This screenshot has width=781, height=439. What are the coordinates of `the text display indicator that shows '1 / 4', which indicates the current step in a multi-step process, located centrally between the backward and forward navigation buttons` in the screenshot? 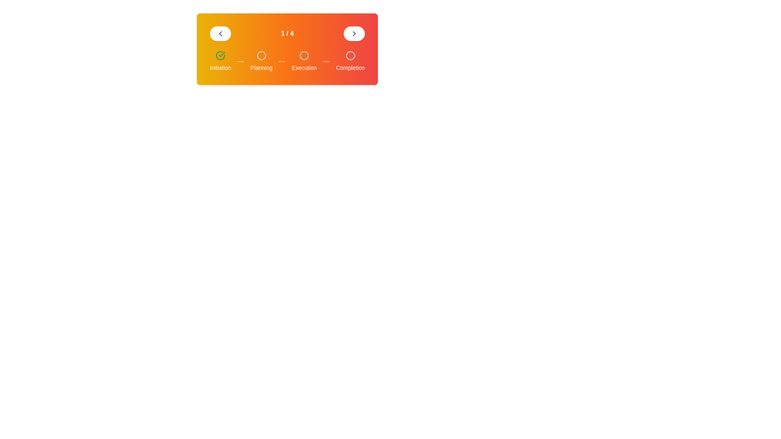 It's located at (287, 33).